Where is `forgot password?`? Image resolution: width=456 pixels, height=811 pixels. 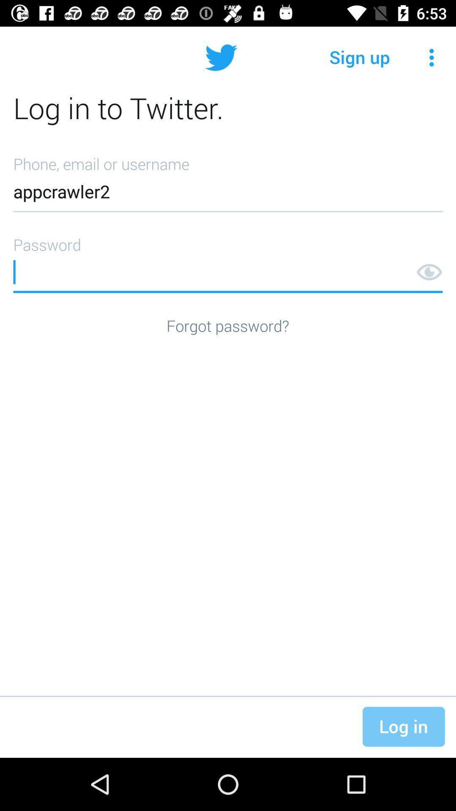 forgot password? is located at coordinates (227, 325).